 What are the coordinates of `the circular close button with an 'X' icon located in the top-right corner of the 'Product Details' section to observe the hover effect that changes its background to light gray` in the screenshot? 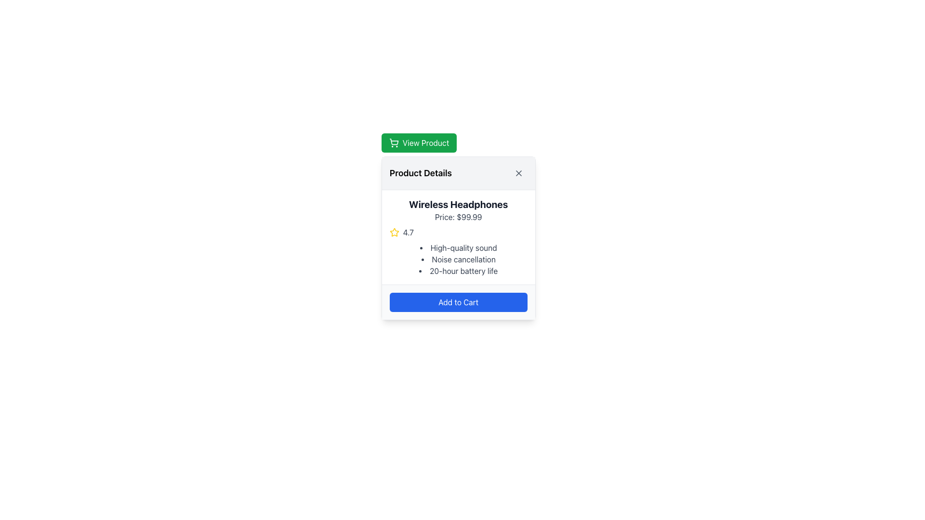 It's located at (518, 172).